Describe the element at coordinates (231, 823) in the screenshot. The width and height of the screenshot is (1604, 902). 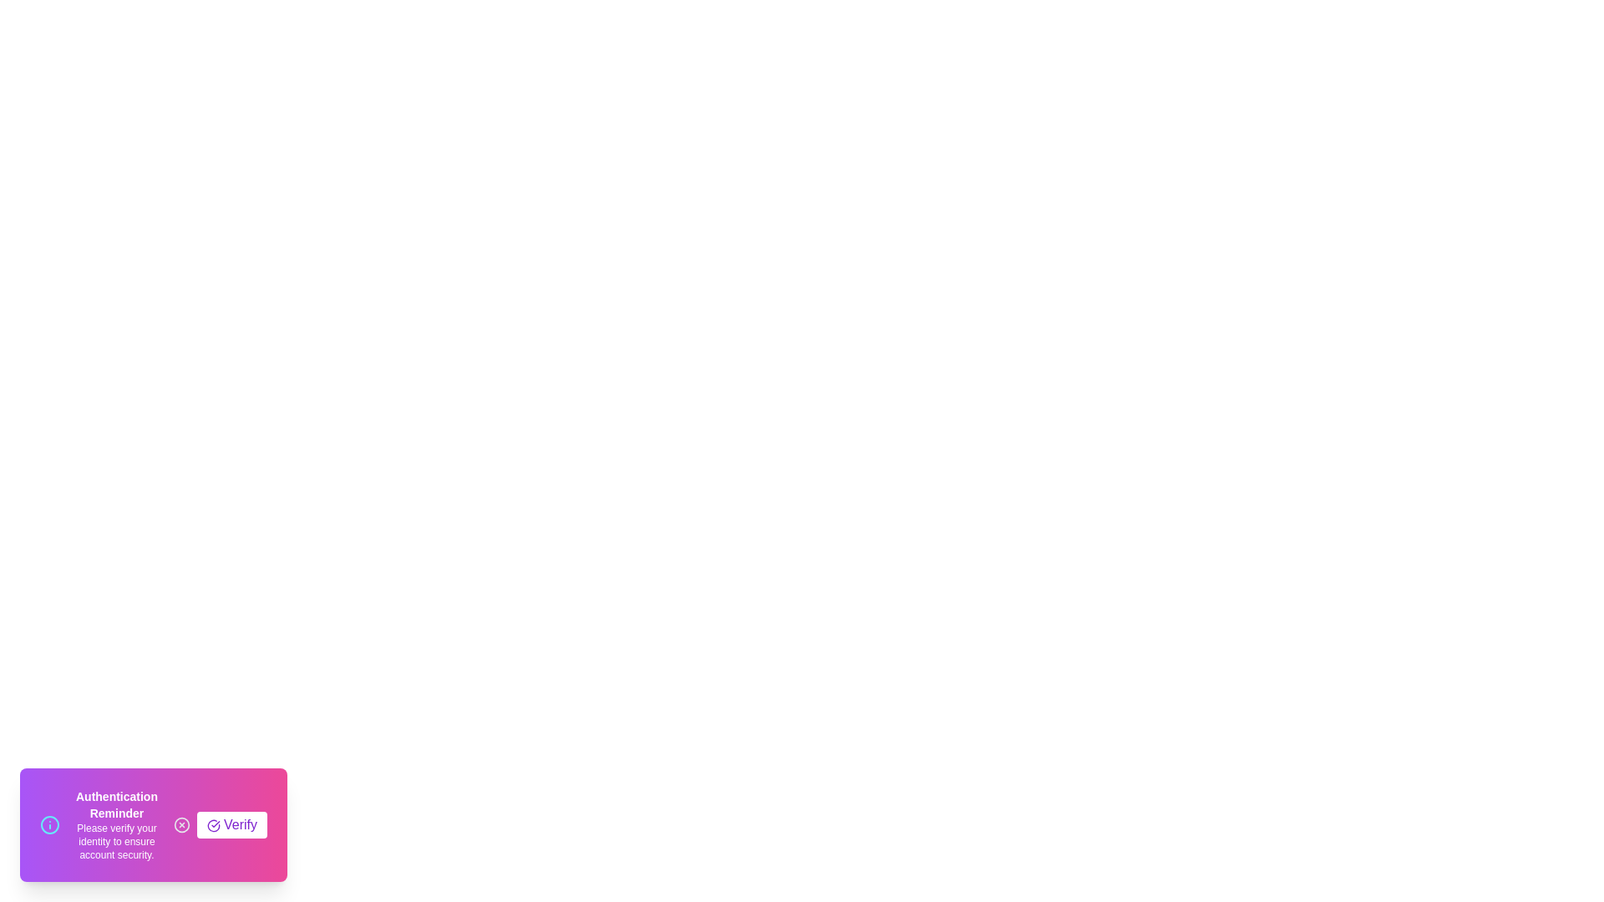
I see `'Verify' button to trigger the verification process` at that location.